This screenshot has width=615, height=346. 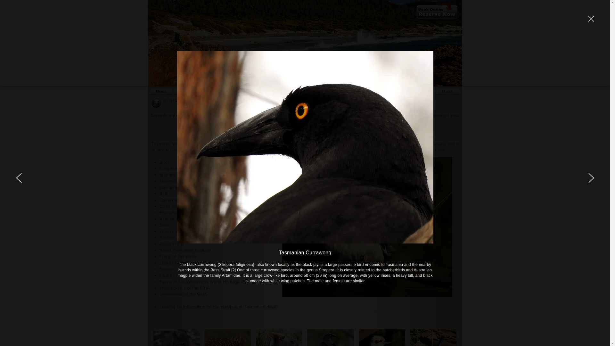 I want to click on 'Home', so click(x=160, y=91).